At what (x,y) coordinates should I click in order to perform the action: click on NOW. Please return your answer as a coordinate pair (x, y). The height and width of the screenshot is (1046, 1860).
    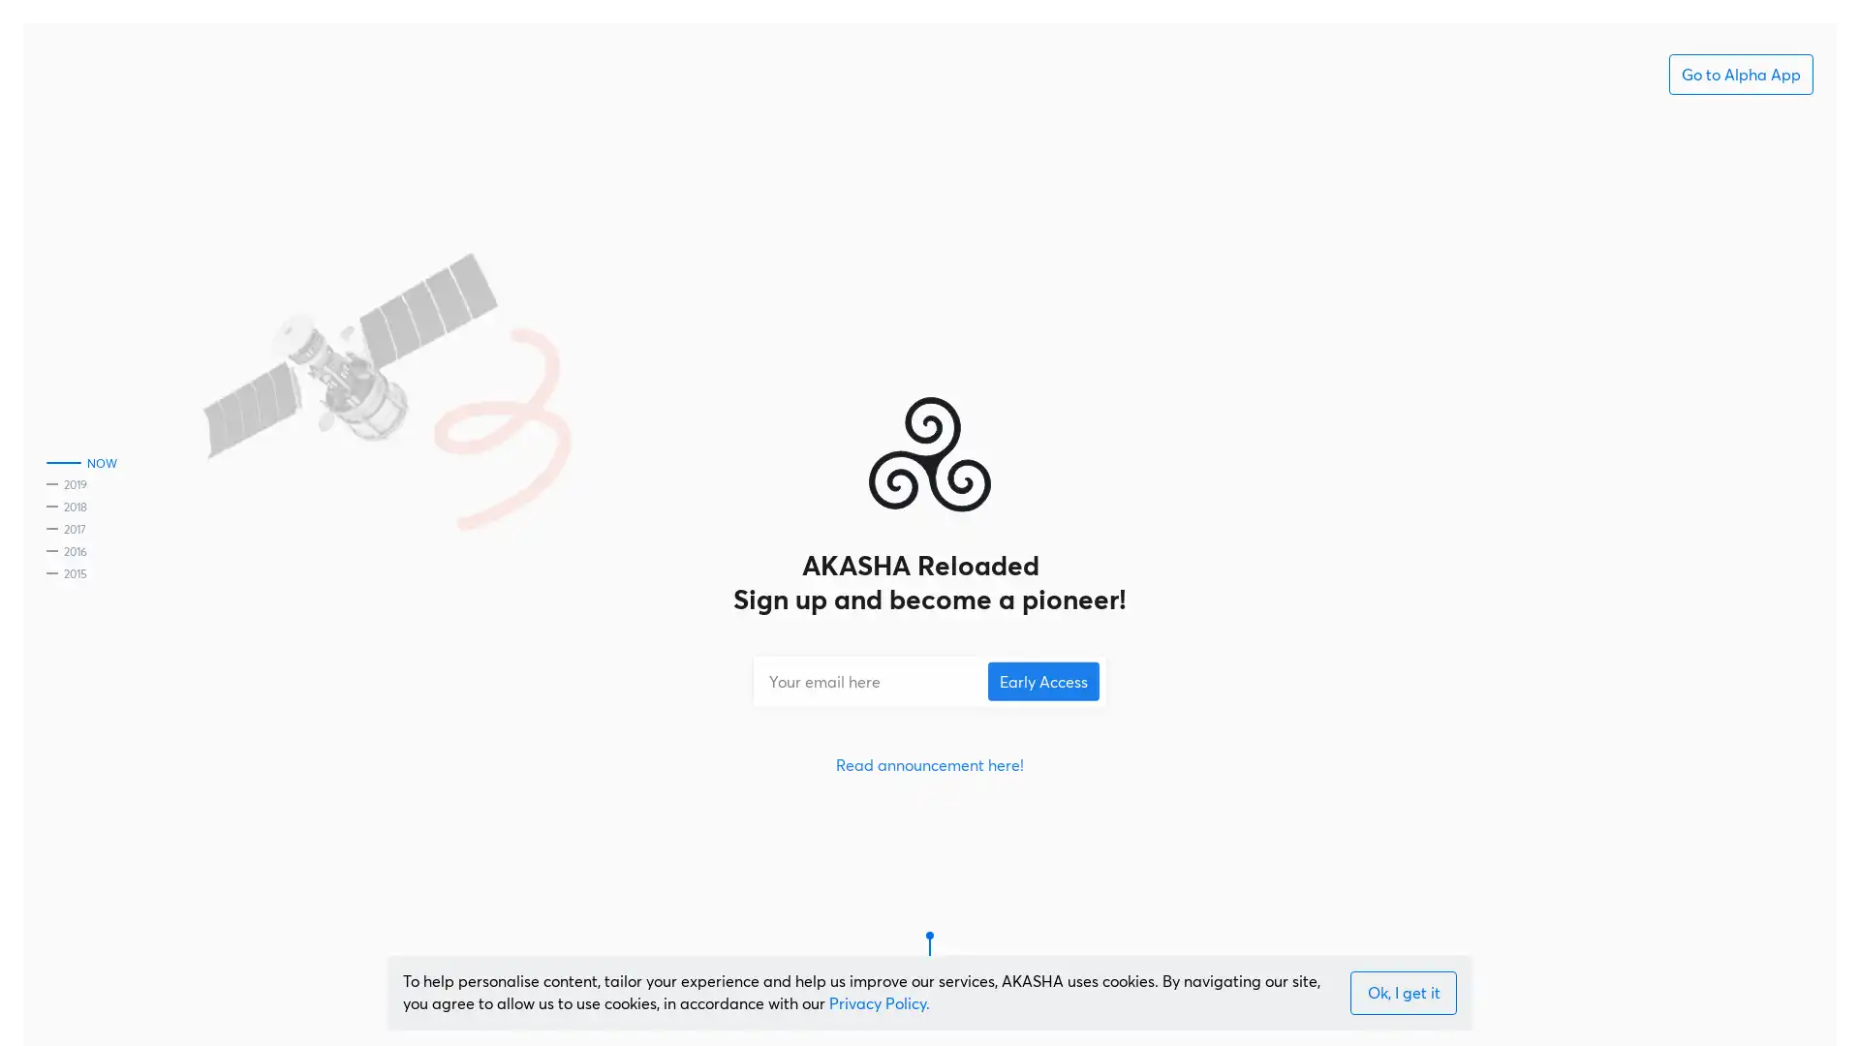
    Looking at the image, I should click on (80, 464).